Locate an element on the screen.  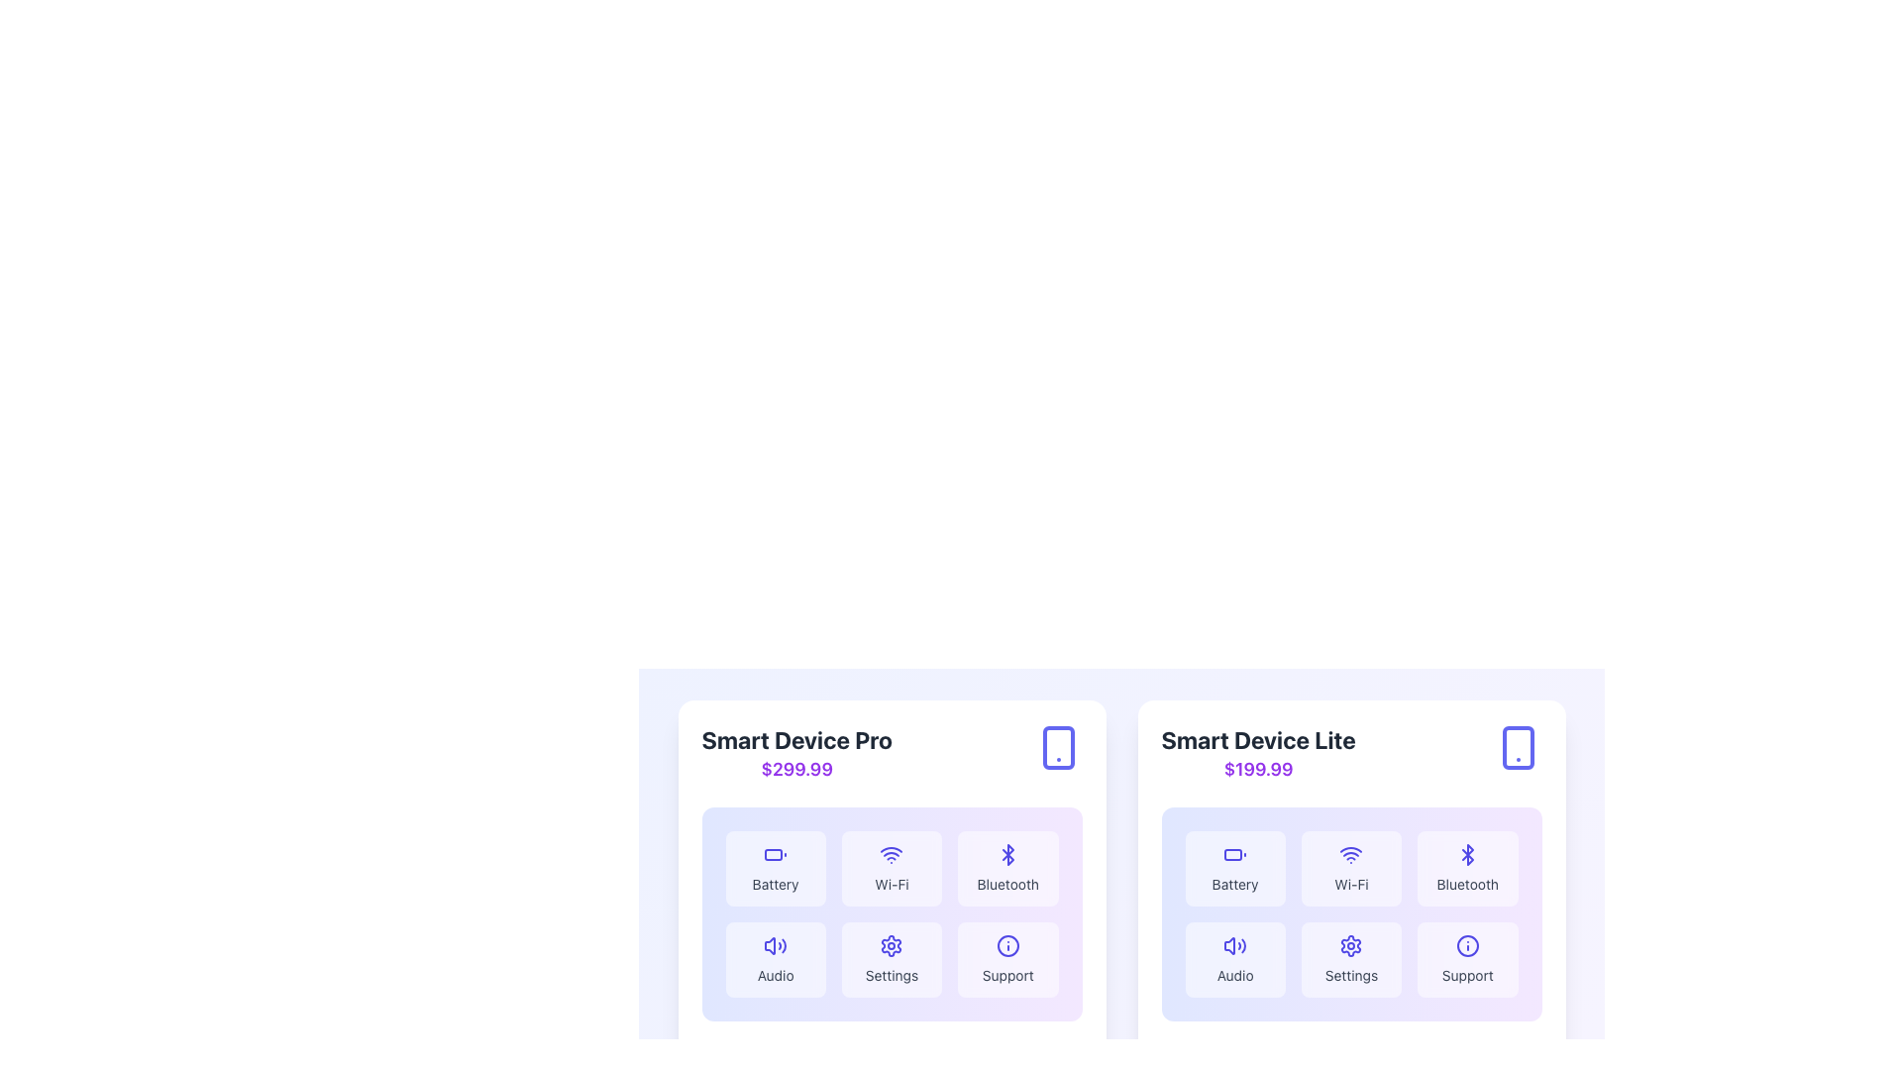
the static text label indicating 'Support' functionality located at the bottom of the 'Smart Device Lite' card in the lower right corner of the section is located at coordinates (1467, 974).